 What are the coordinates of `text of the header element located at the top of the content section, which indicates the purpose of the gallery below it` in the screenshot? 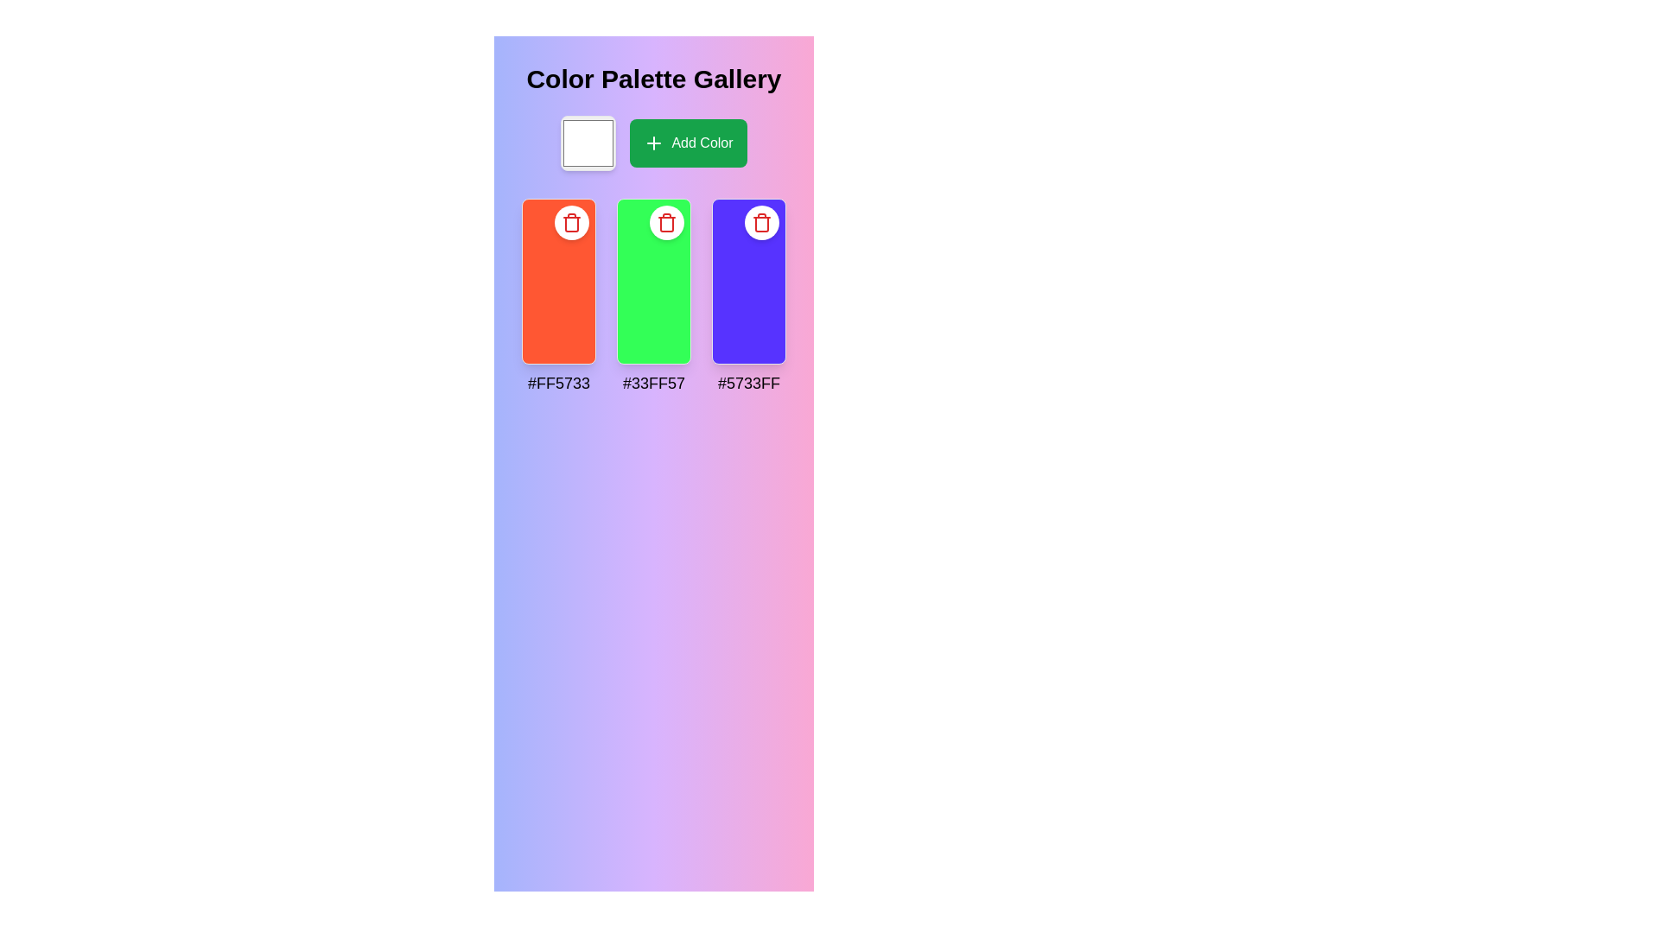 It's located at (653, 79).